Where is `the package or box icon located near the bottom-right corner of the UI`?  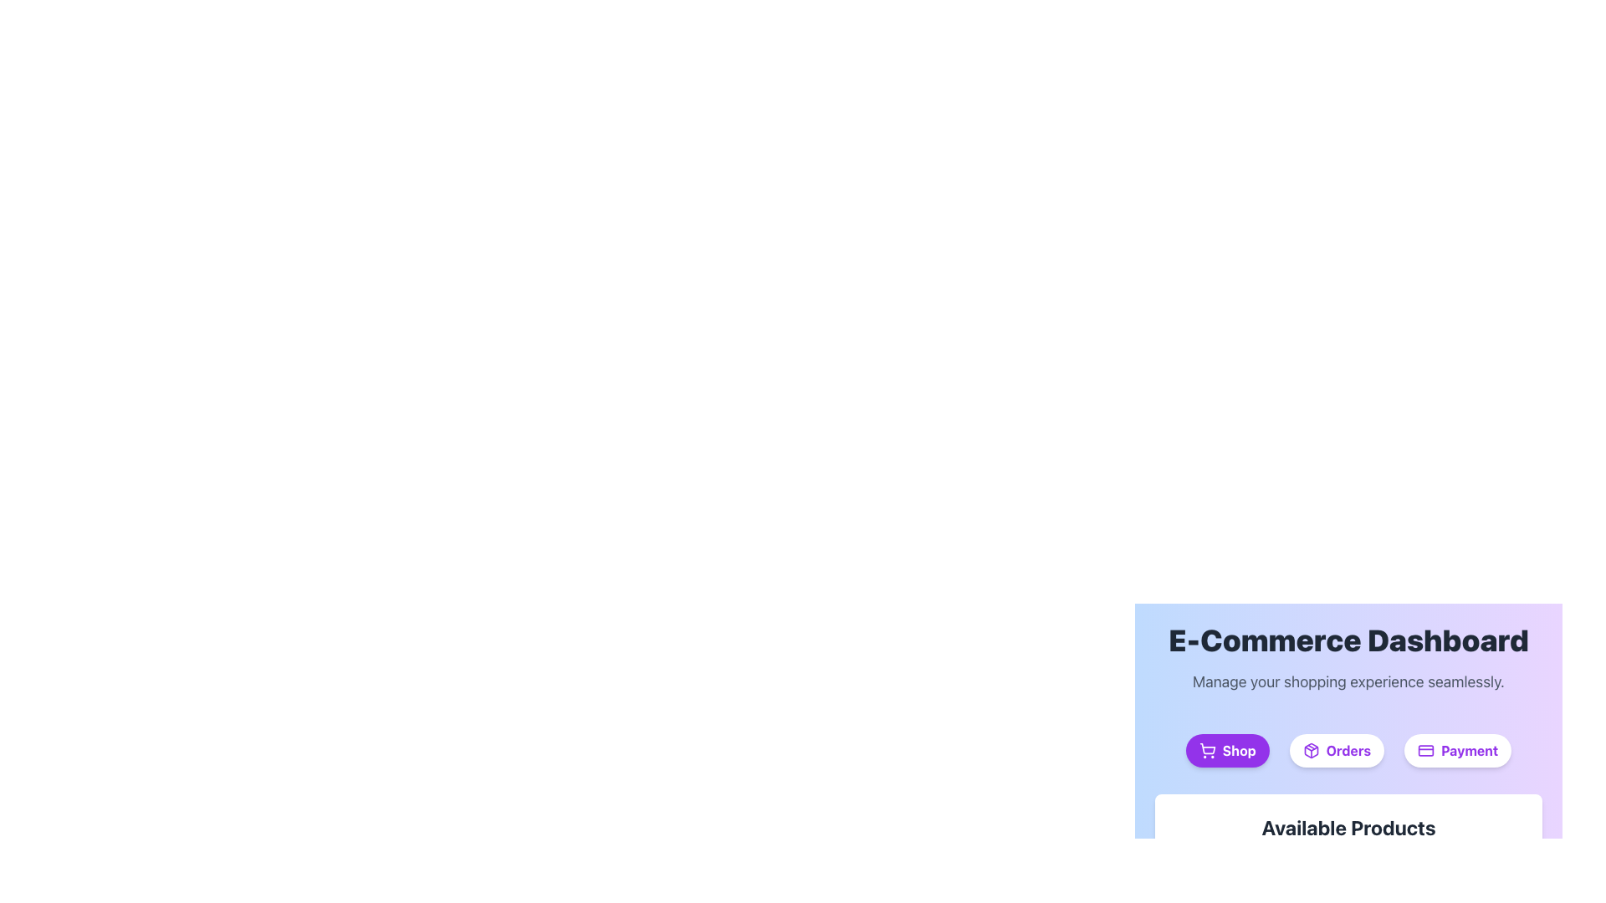
the package or box icon located near the bottom-right corner of the UI is located at coordinates (1310, 750).